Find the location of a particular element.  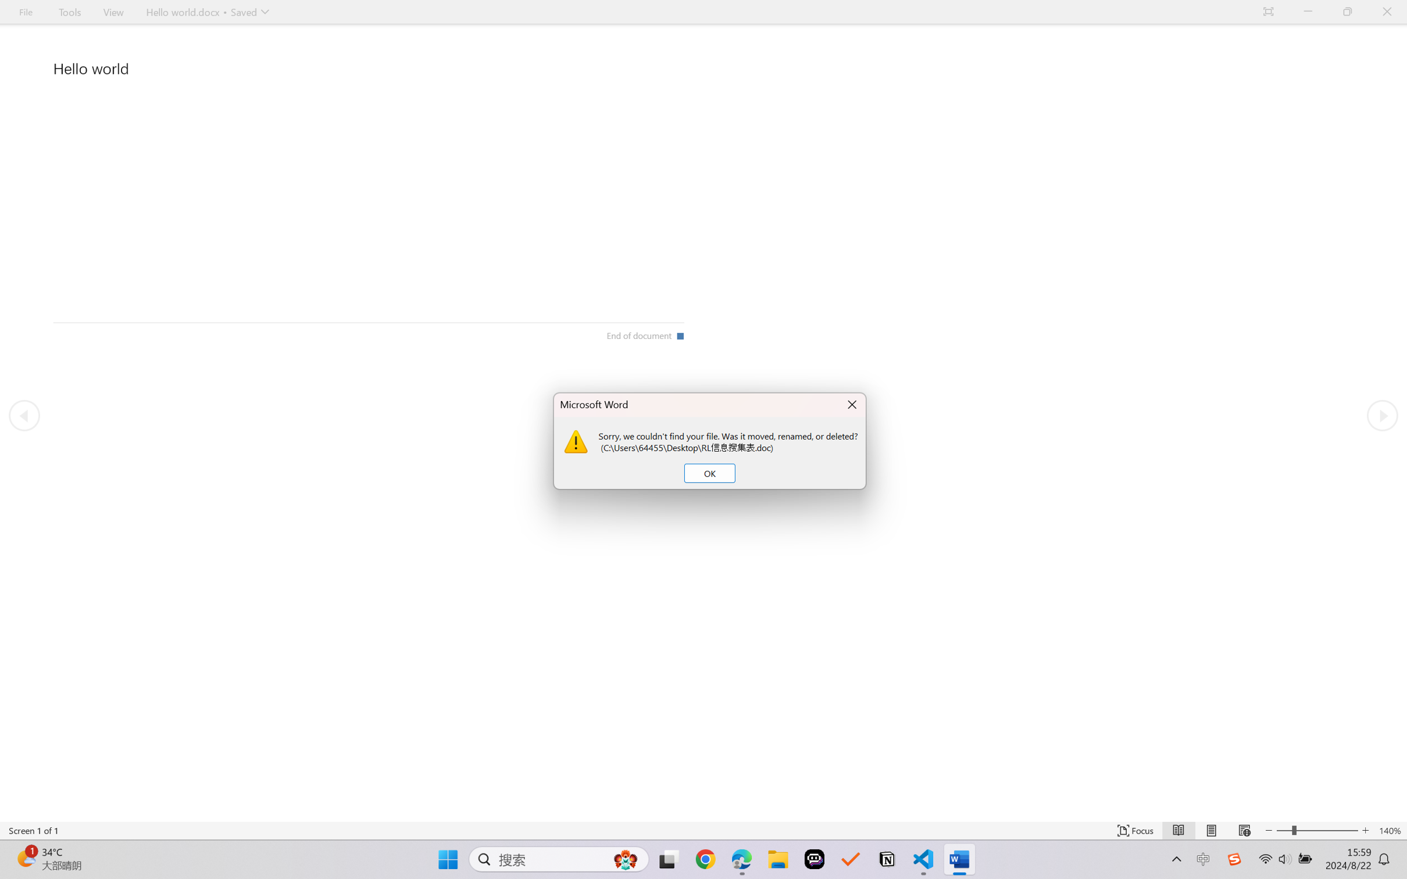

'File Tab' is located at coordinates (25, 12).